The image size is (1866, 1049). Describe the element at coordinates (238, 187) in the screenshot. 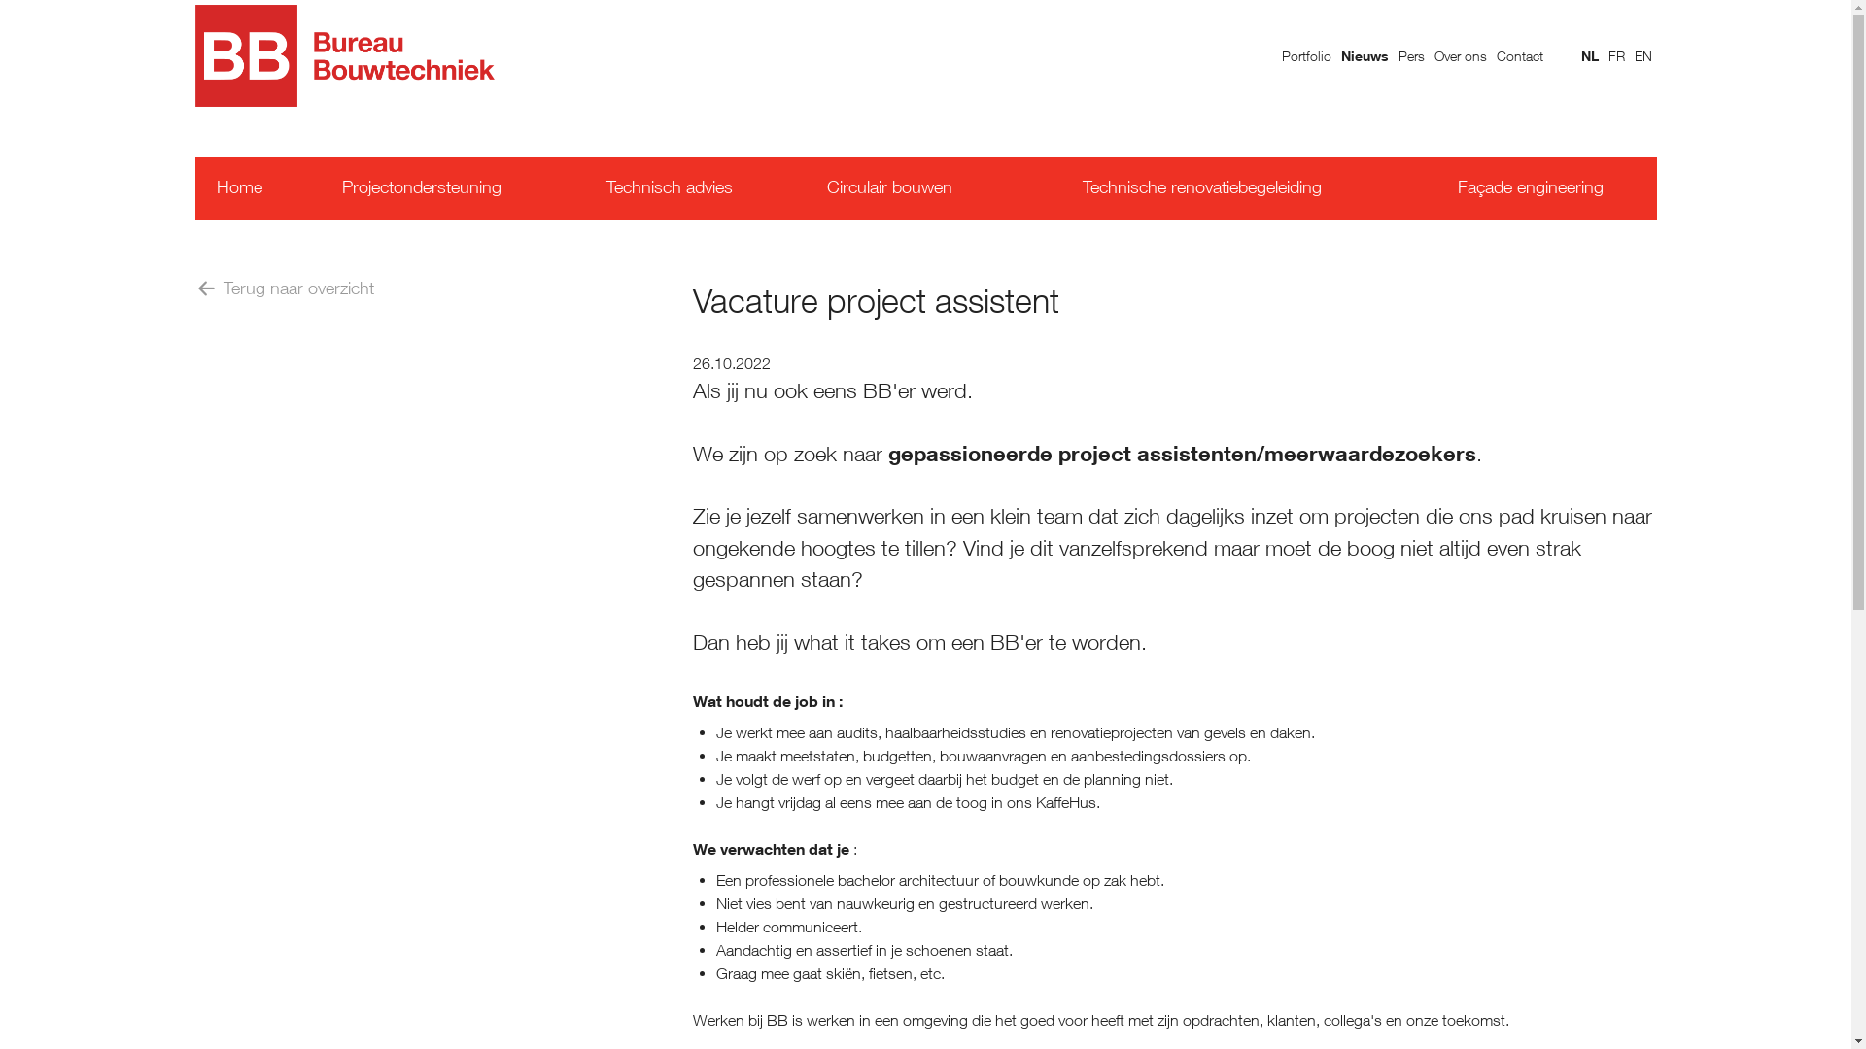

I see `'Home'` at that location.